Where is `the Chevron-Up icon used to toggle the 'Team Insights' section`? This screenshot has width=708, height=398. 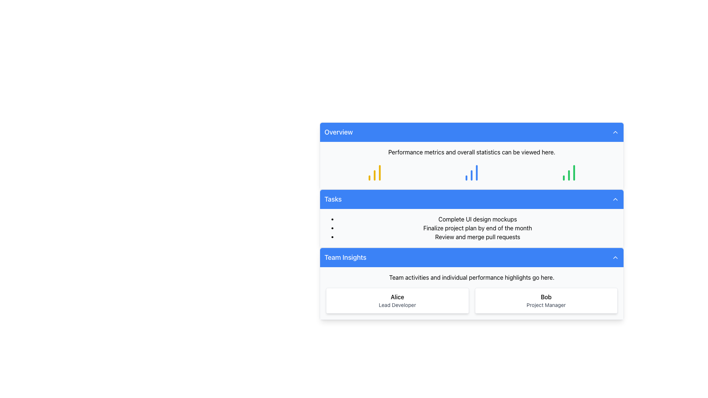 the Chevron-Up icon used to toggle the 'Team Insights' section is located at coordinates (615, 257).